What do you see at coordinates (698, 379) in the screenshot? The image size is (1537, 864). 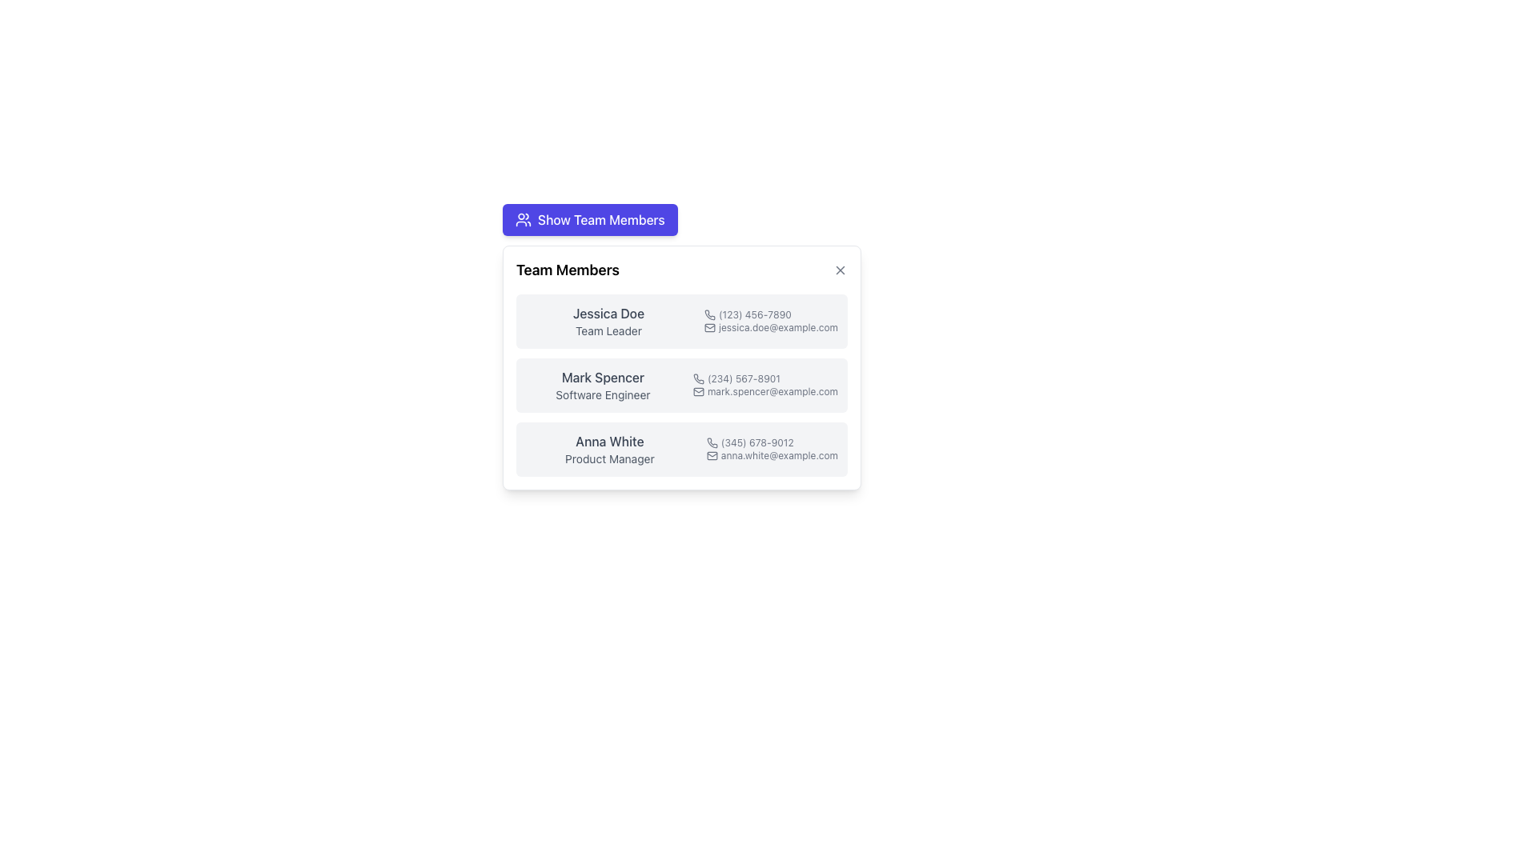 I see `the phone icon representing contact information for Mark Spencer in the Team Members section` at bounding box center [698, 379].